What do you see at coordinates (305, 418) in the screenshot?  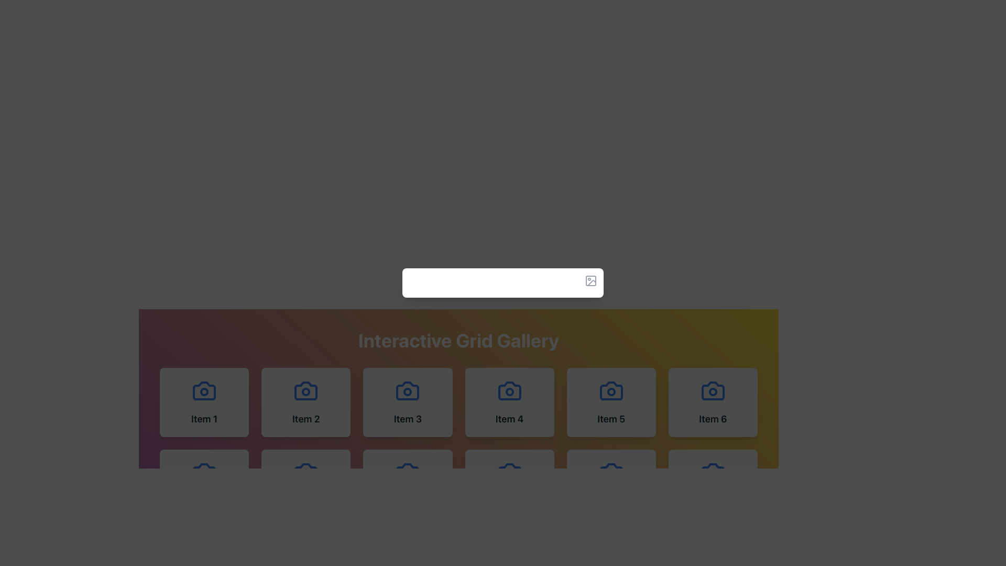 I see `the Static Text Label that provides identifying information for 'Item 2', located in the bottom section of the second card in the top row of the grid` at bounding box center [305, 418].